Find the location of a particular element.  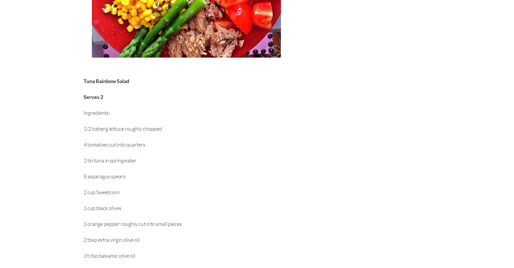

'1 cup black olives' is located at coordinates (102, 208).